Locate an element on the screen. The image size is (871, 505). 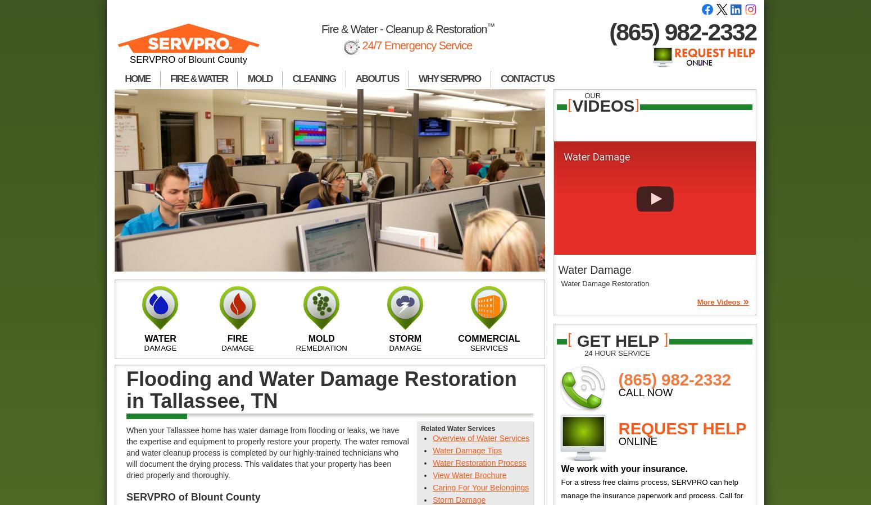
'Water Damage Restoration' is located at coordinates (605, 282).